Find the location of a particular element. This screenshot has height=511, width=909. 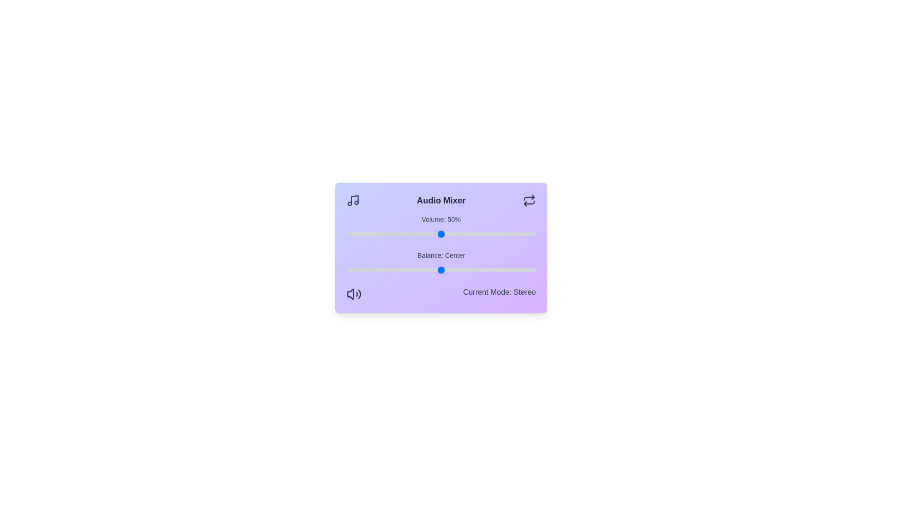

the balance slider to -35 value is located at coordinates (374, 270).